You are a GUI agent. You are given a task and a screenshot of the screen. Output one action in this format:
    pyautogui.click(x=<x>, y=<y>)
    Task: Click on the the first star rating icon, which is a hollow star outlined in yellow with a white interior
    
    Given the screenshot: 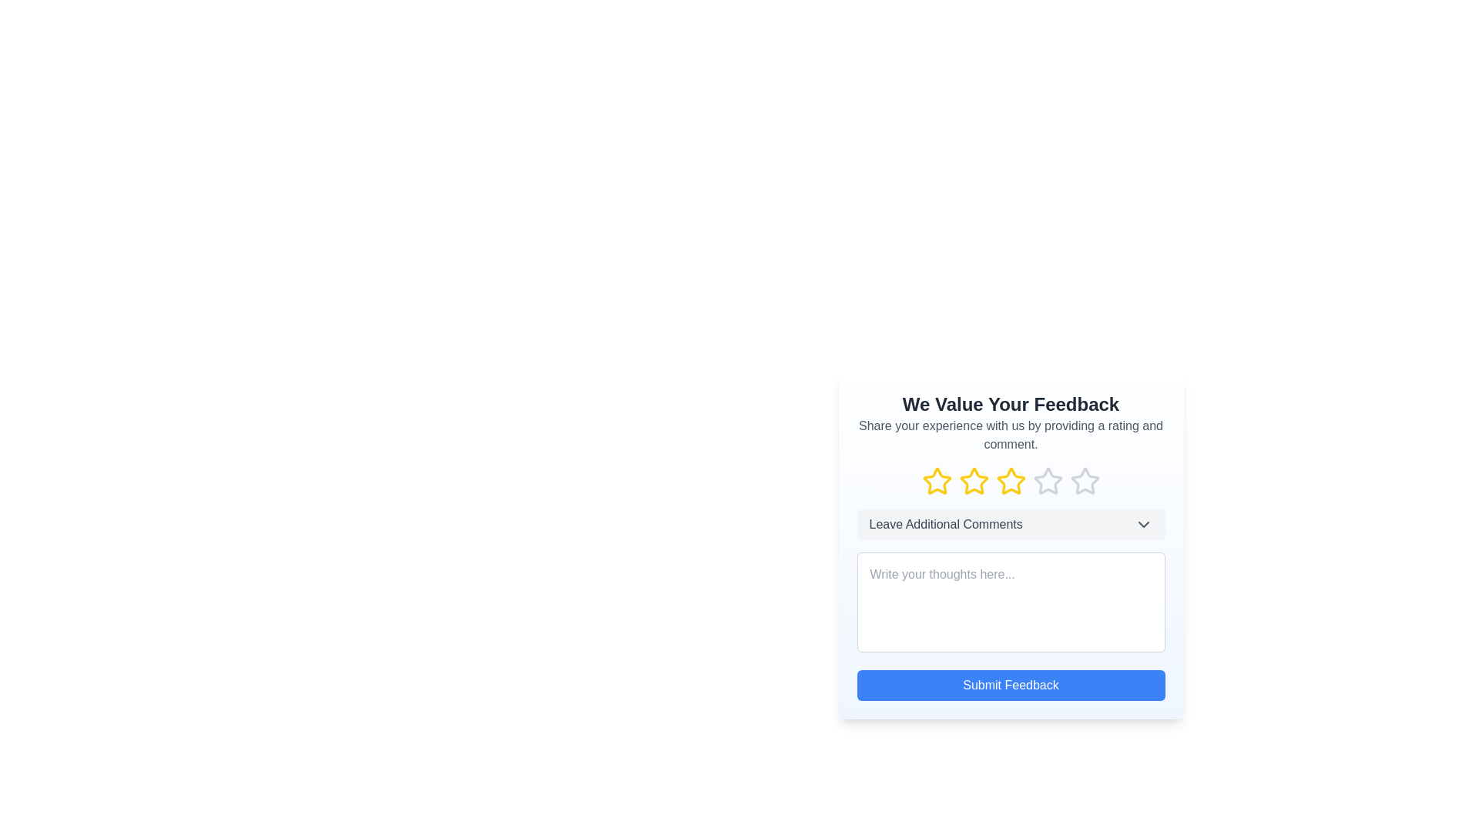 What is the action you would take?
    pyautogui.click(x=936, y=480)
    